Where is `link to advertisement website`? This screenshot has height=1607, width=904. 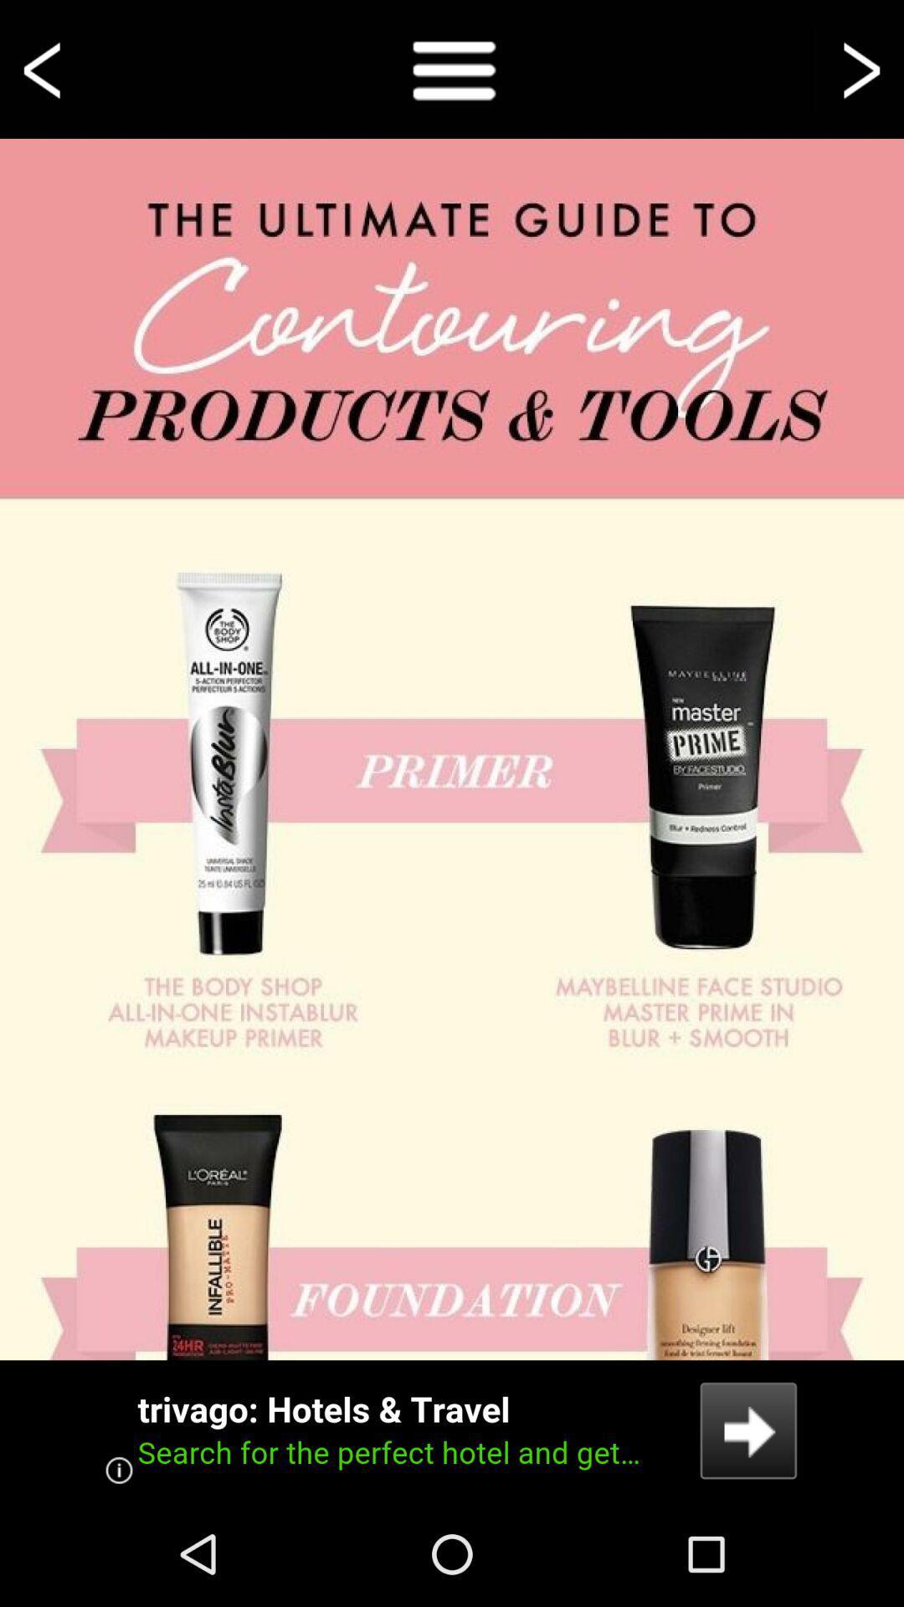
link to advertisement website is located at coordinates (452, 1430).